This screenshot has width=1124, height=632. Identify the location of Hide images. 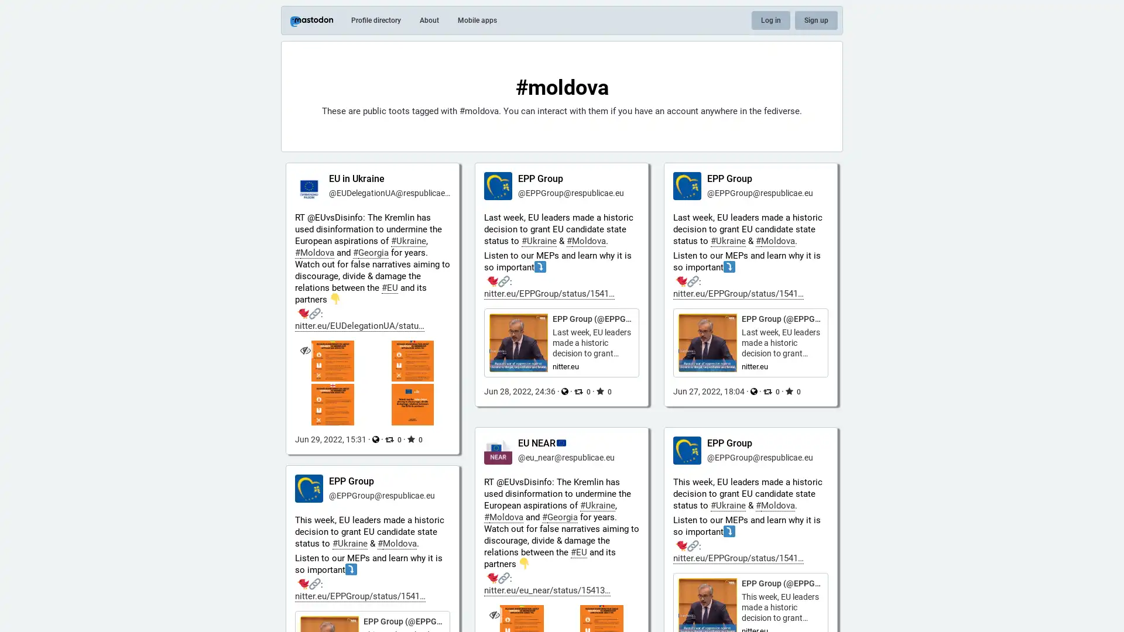
(494, 614).